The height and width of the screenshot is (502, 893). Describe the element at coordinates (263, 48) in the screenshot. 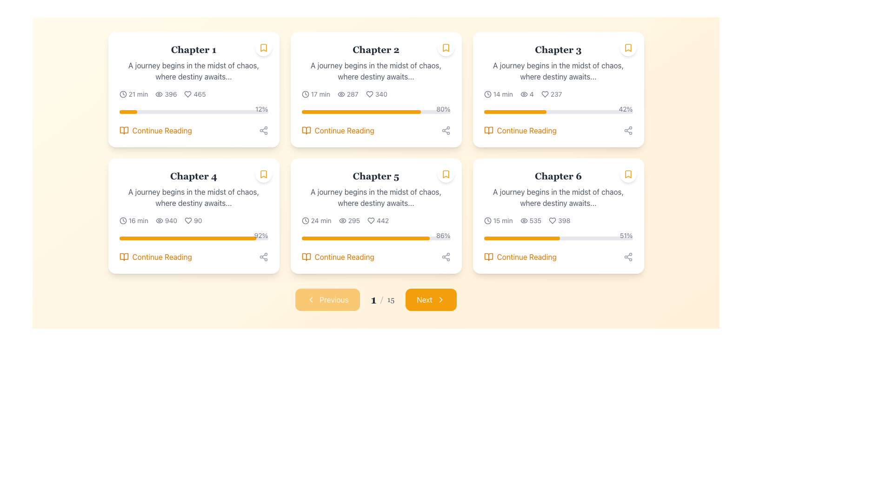

I see `the bookmark IconButton` at that location.